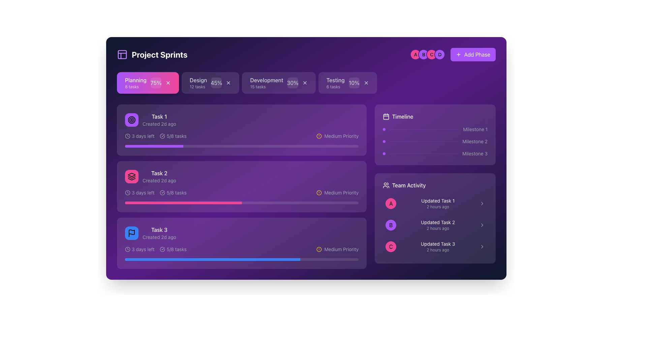 The height and width of the screenshot is (364, 647). Describe the element at coordinates (159, 237) in the screenshot. I see `the light gray text label displaying 'Created 2d ago' located beneath the 'Task 3' title in the 'Task 3' card` at that location.